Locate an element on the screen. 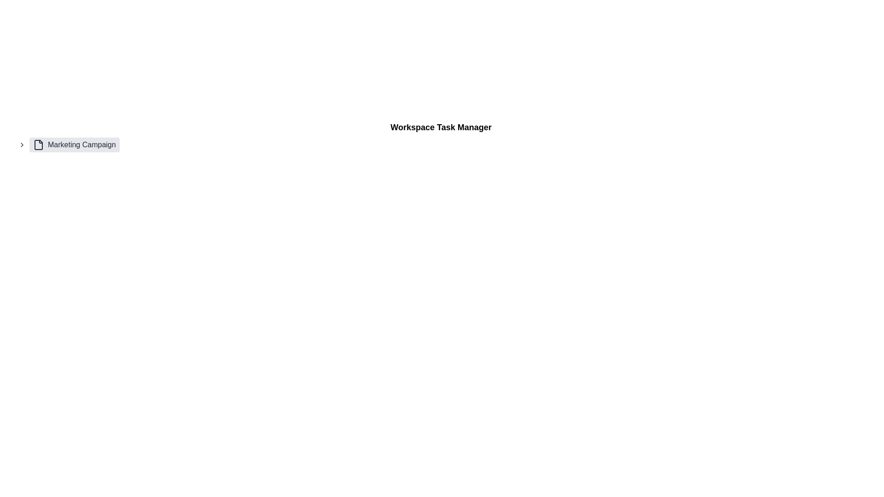 This screenshot has width=884, height=497. the chevron-right icon for 'Marketing Campaign' is located at coordinates (22, 145).